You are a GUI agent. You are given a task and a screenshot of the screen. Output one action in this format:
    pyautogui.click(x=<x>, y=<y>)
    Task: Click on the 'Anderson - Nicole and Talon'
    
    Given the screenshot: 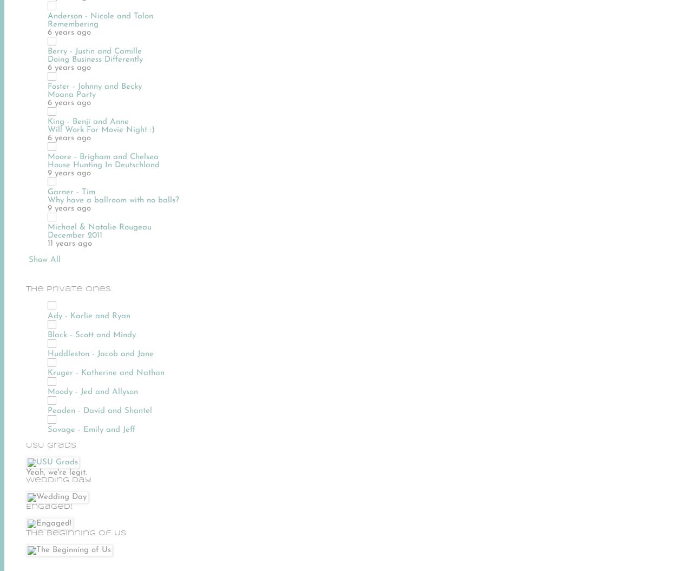 What is the action you would take?
    pyautogui.click(x=100, y=16)
    